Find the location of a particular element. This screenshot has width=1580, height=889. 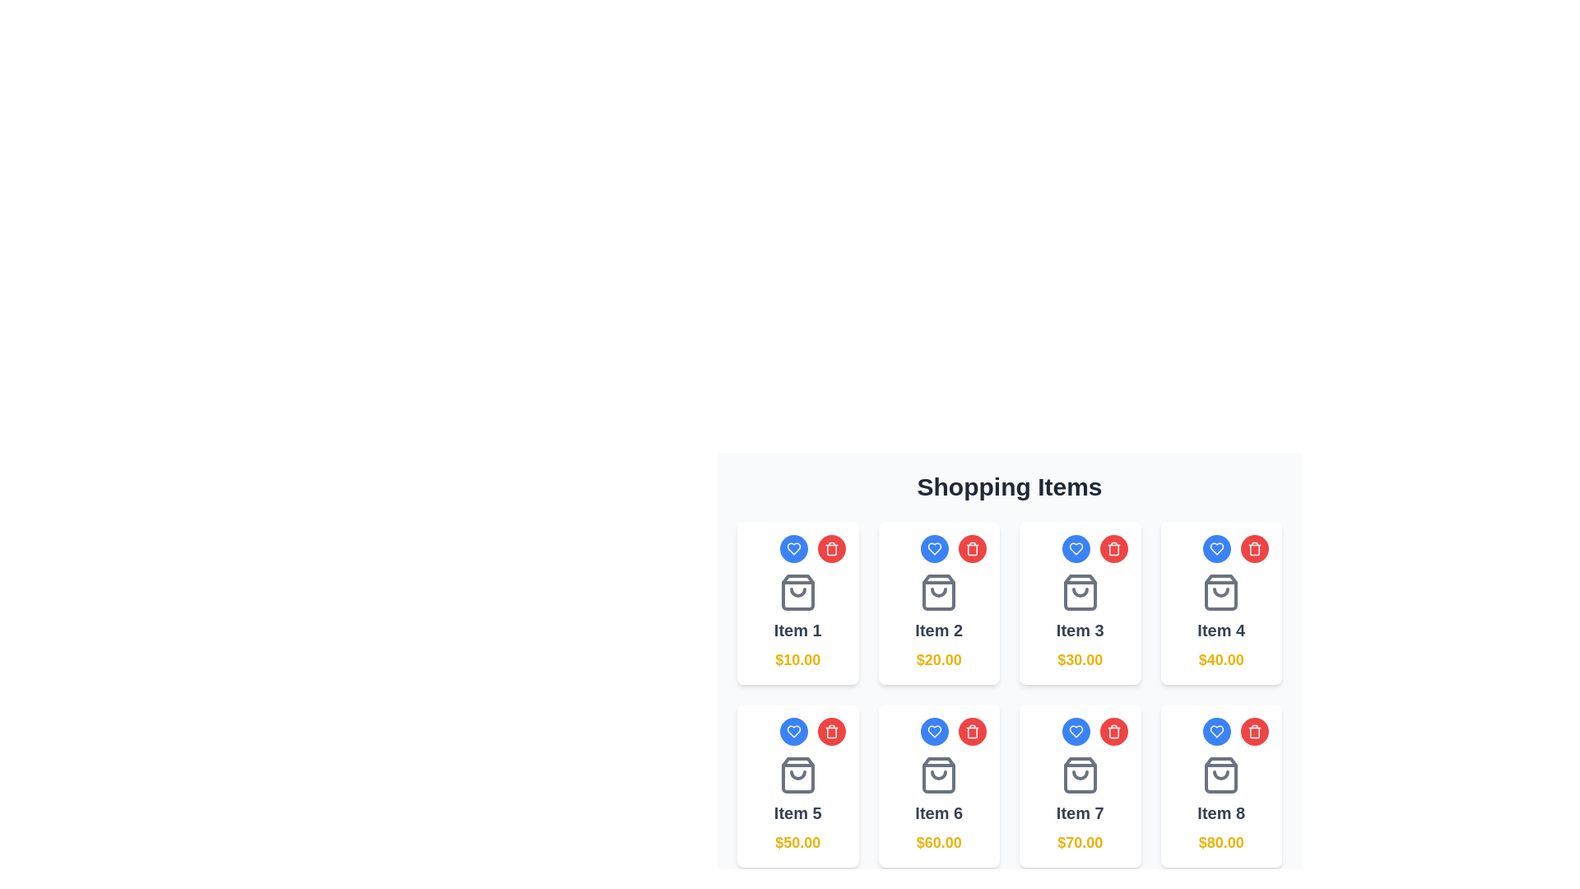

the blue circular button with a white heart outline to favorite the item located at the top-right corner of the card labeled 'Item 3' is located at coordinates (1080, 549).